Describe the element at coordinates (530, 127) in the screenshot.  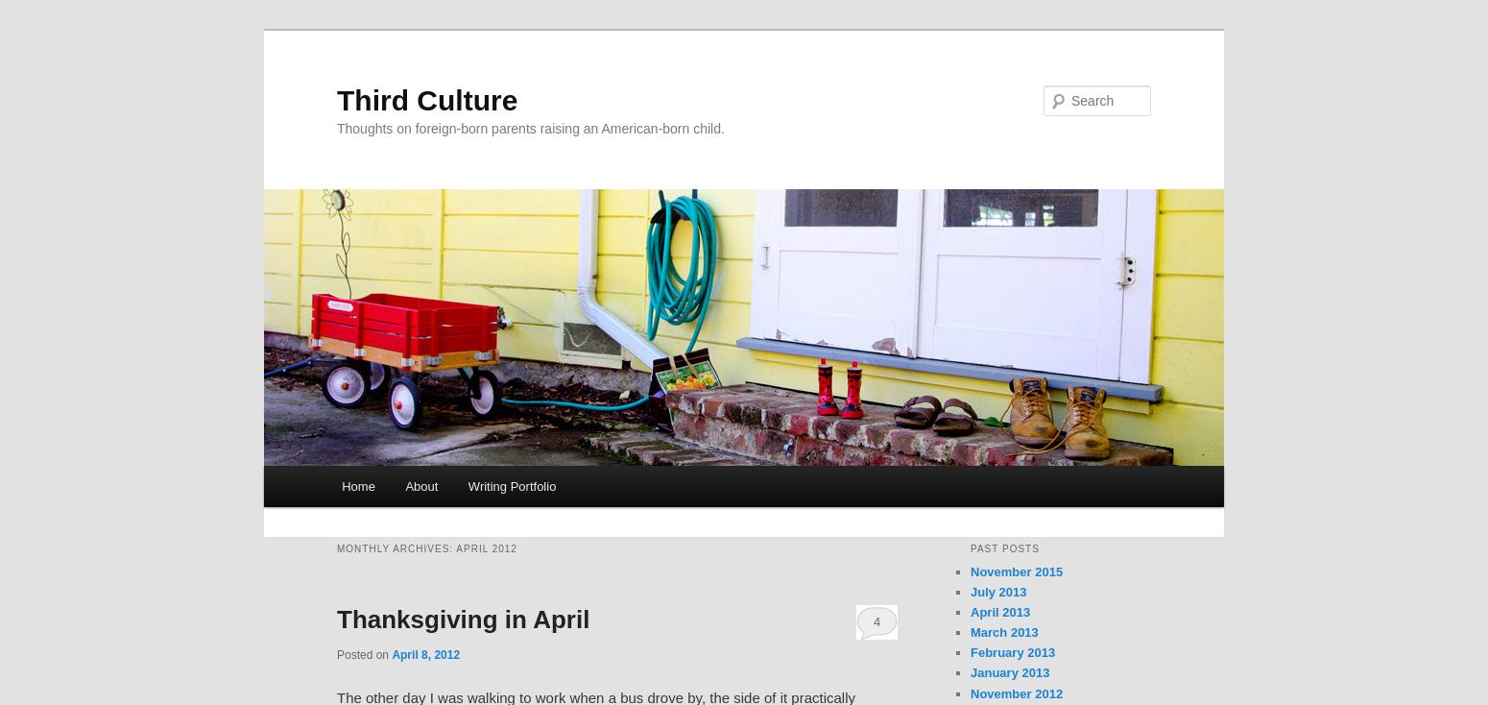
I see `'Thoughts on foreign-born parents raising an American-born child.'` at that location.